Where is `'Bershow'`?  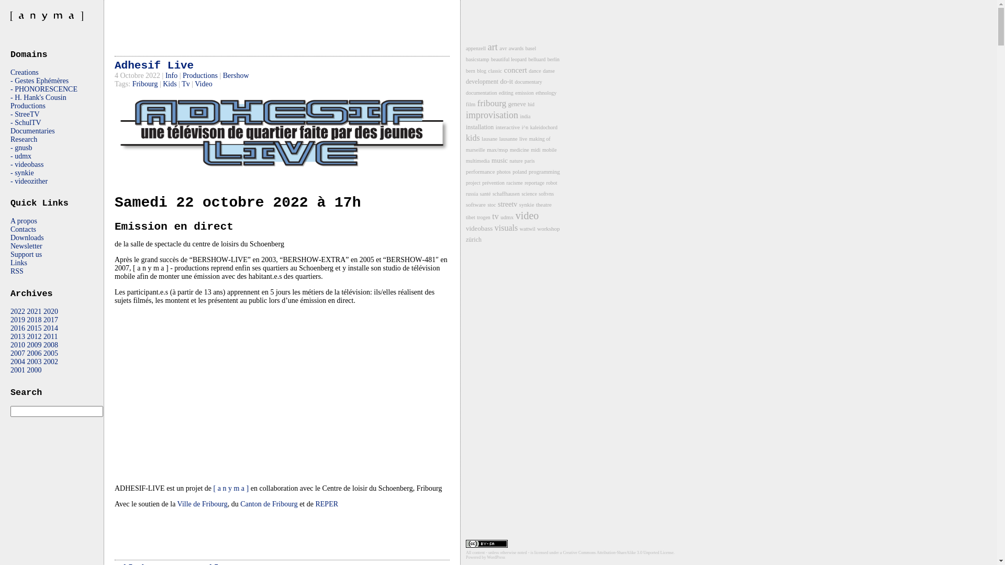 'Bershow' is located at coordinates (236, 75).